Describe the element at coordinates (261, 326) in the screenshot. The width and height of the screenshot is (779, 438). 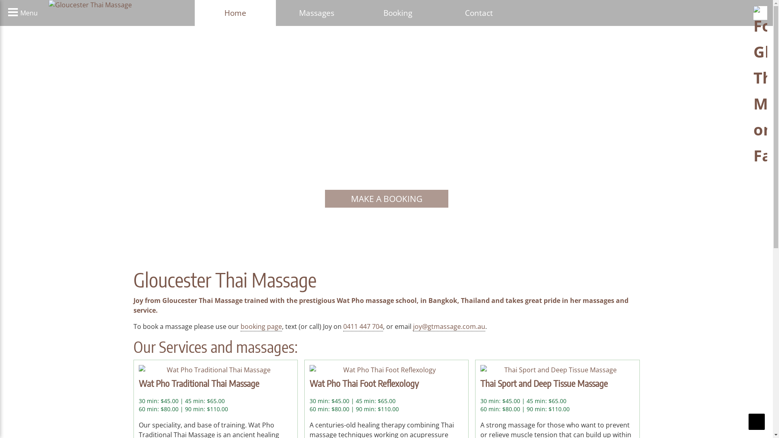
I see `'booking page'` at that location.